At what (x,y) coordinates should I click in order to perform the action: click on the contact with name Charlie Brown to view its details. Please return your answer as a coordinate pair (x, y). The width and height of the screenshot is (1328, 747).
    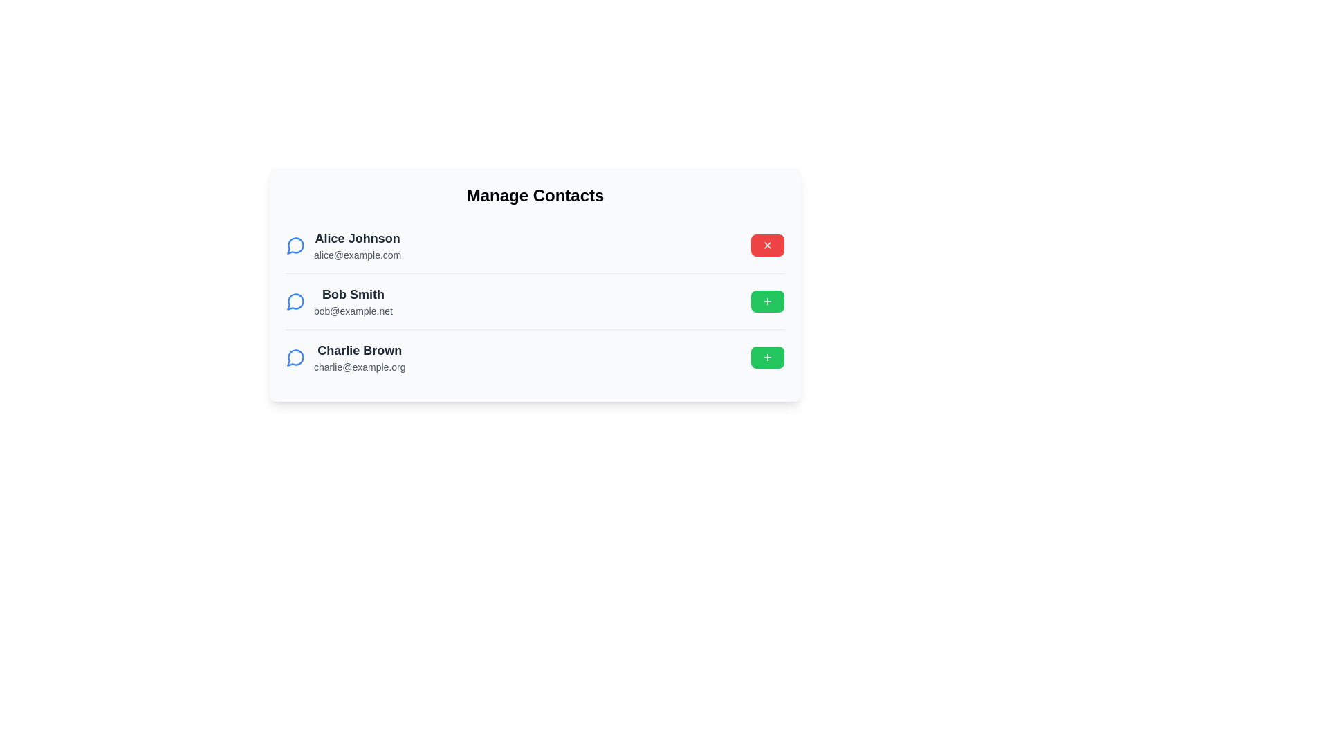
    Looking at the image, I should click on (345, 356).